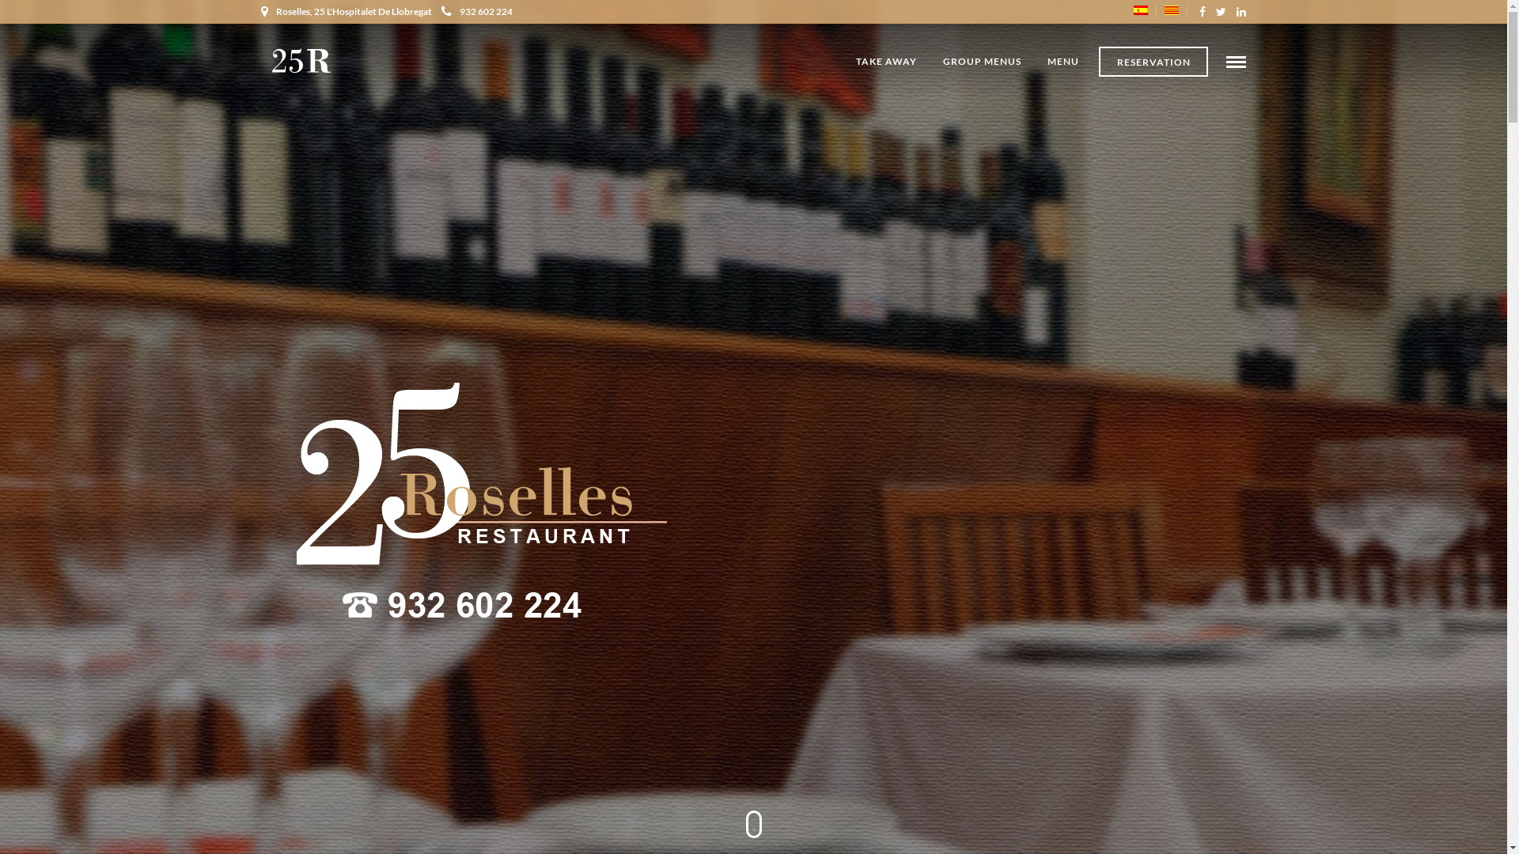  Describe the element at coordinates (886, 61) in the screenshot. I see `'TAKE AWAY'` at that location.